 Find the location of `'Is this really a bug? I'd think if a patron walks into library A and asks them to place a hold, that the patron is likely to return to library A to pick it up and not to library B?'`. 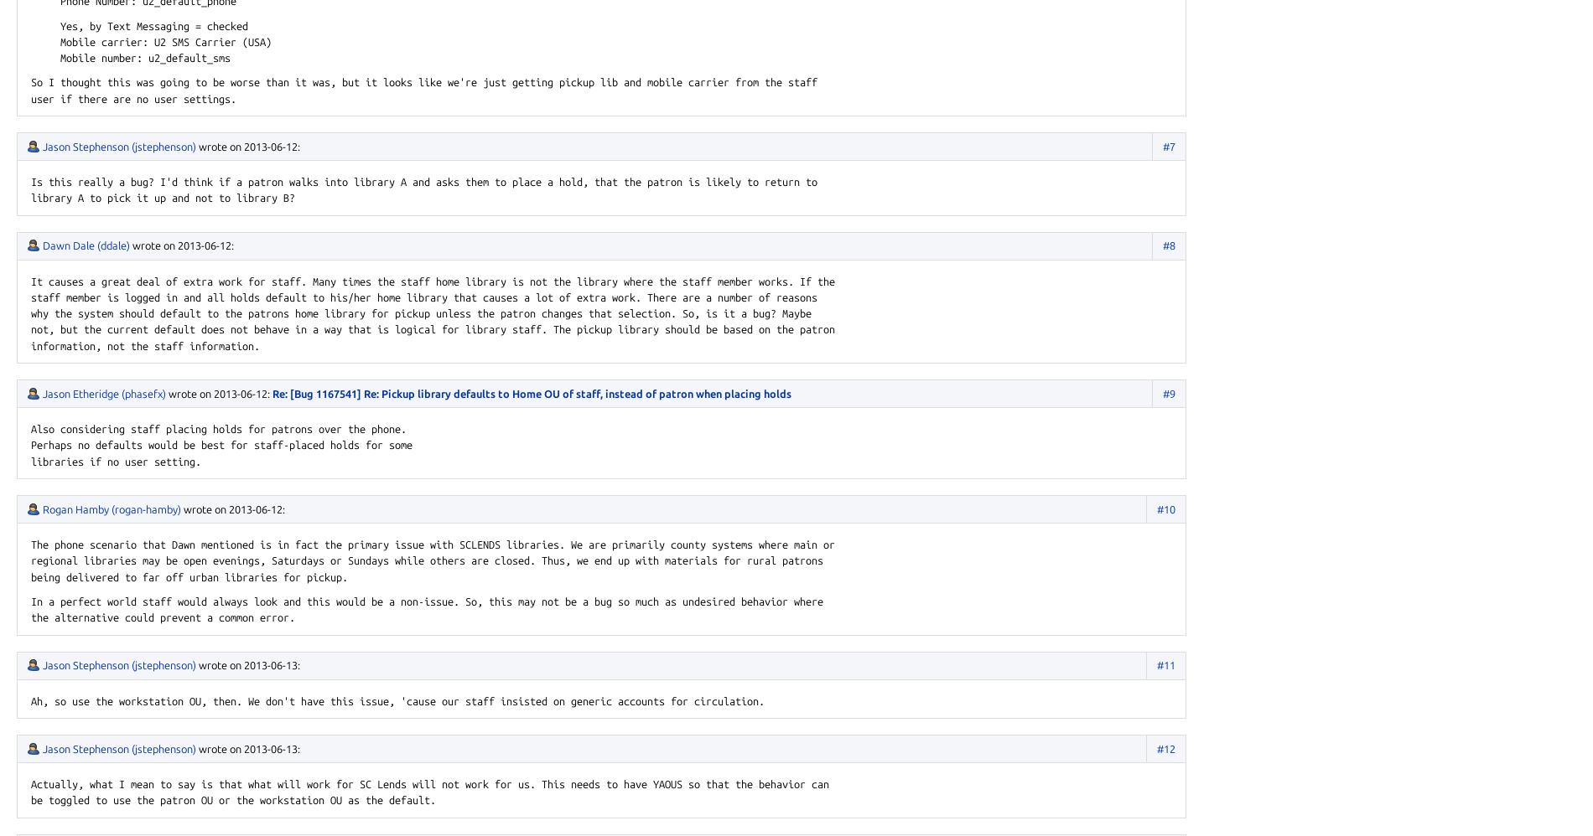

'Is this really a bug? I'd think if a patron walks into library A and asks them to place a hold, that the patron is likely to return to library A to pick it up and not to library B?' is located at coordinates (423, 189).